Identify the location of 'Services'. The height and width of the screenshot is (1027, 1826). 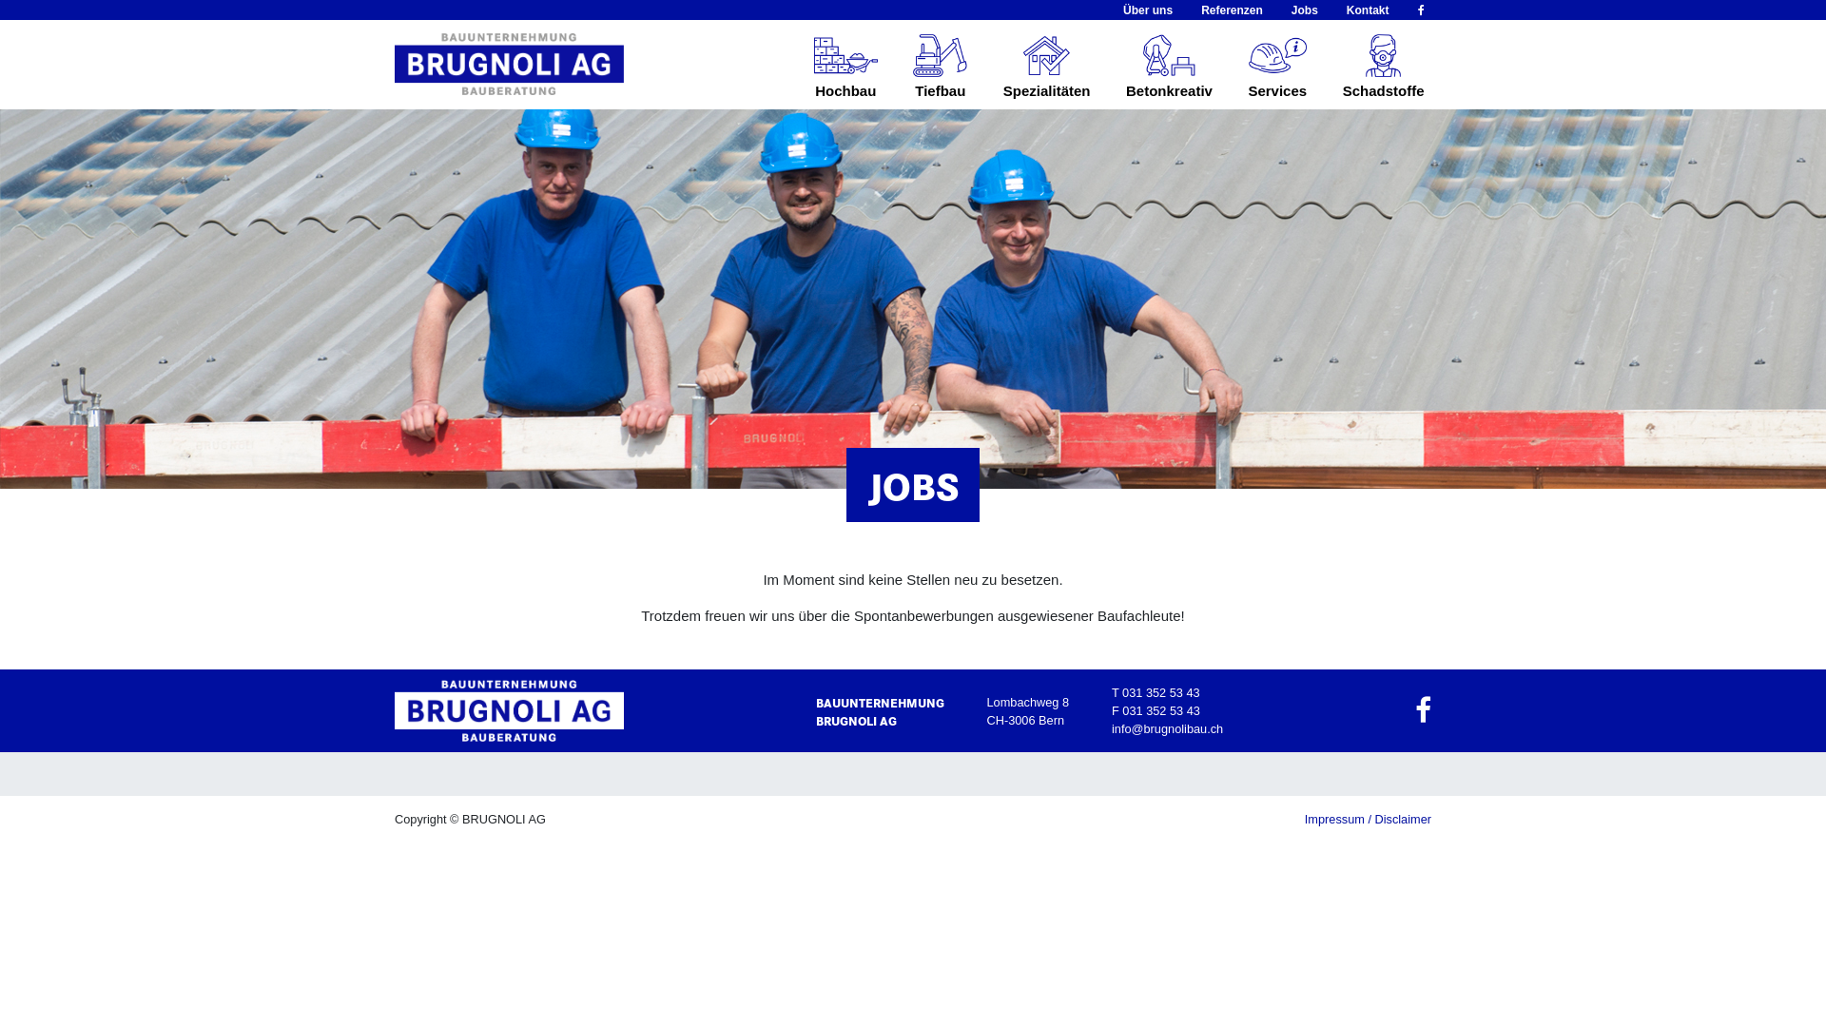
(1277, 64).